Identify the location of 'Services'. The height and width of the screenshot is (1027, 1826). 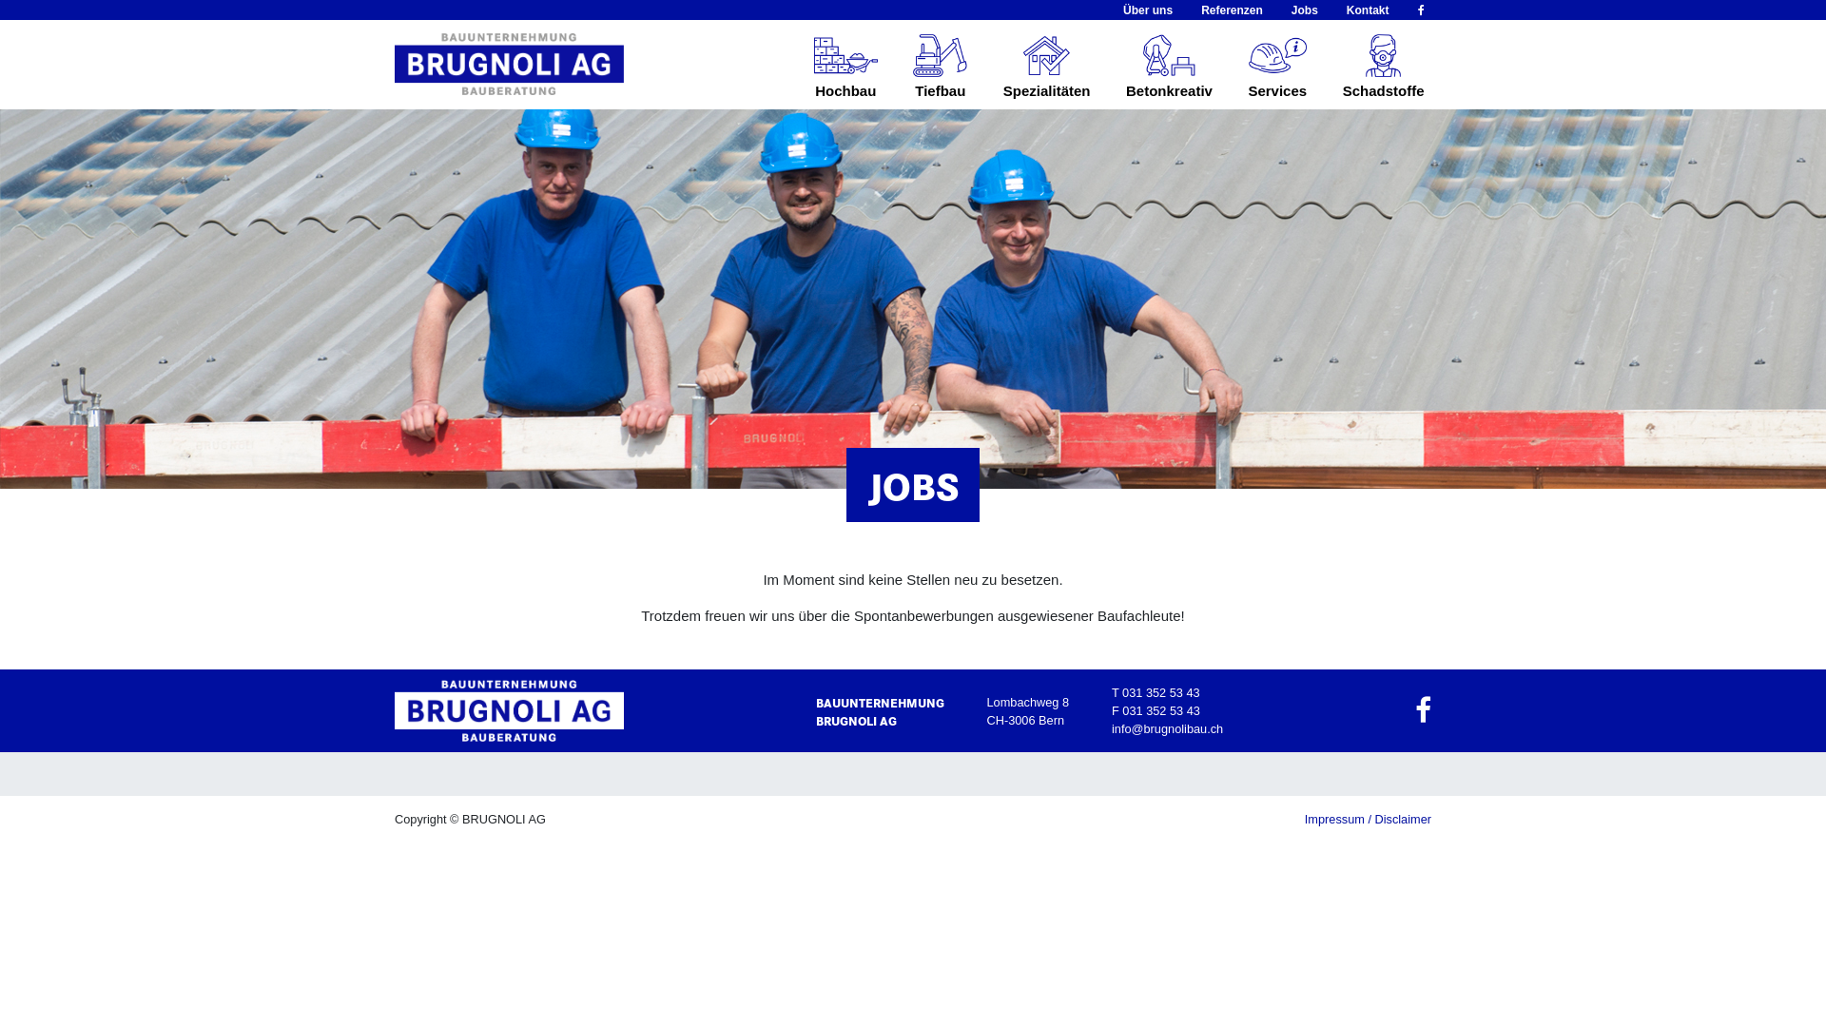
(1277, 64).